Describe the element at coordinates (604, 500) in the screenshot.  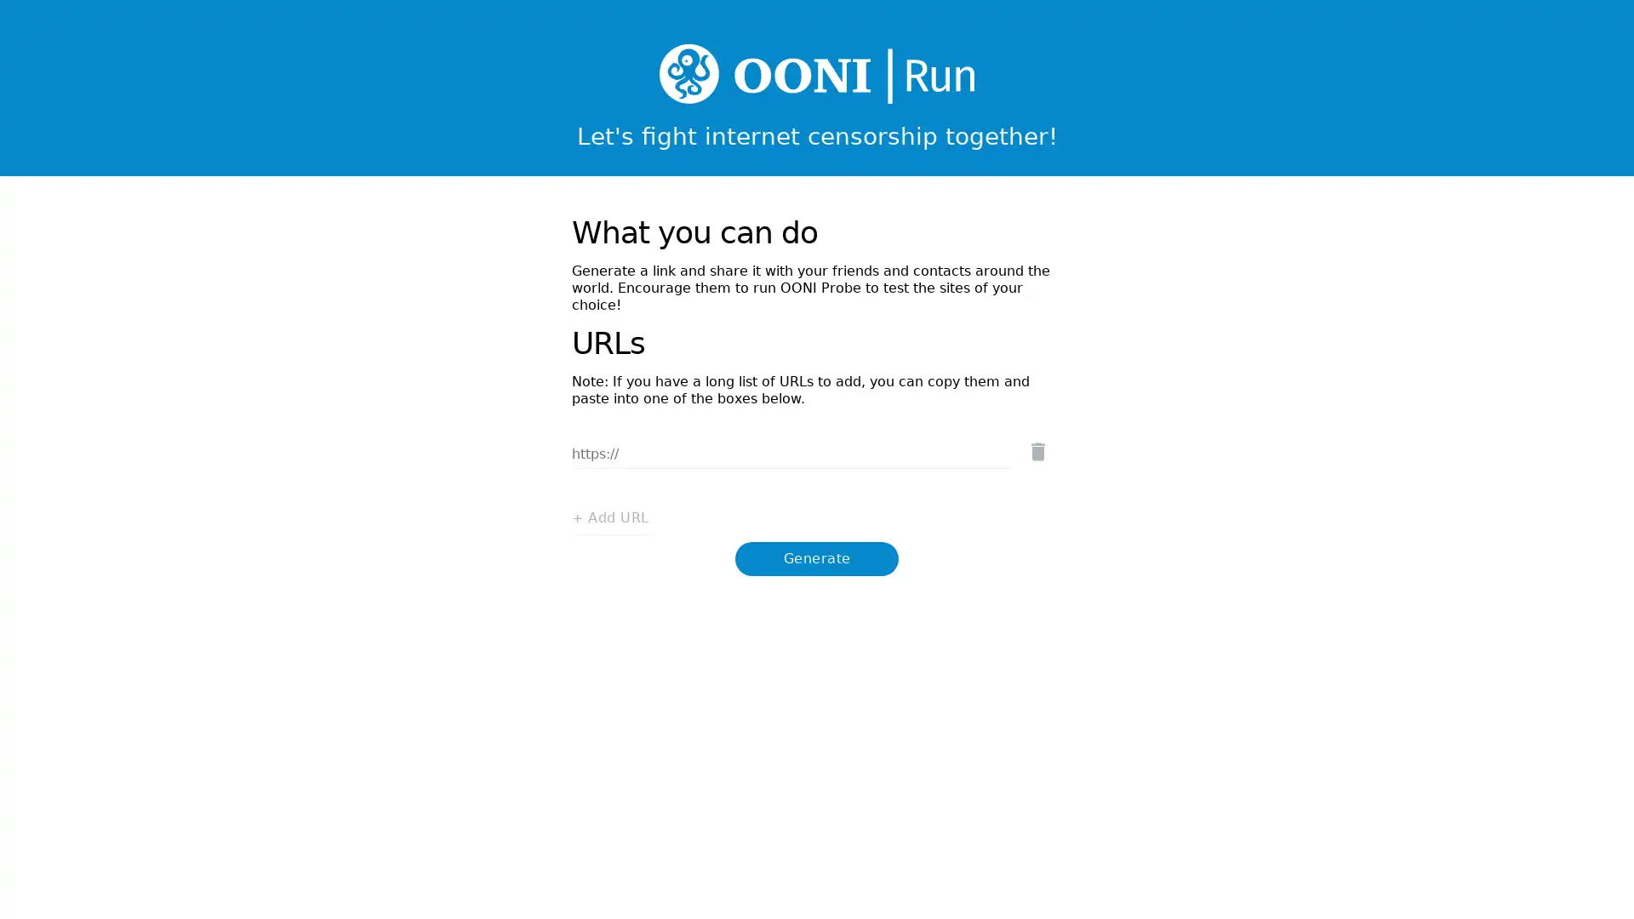
I see `+ Add URL` at that location.